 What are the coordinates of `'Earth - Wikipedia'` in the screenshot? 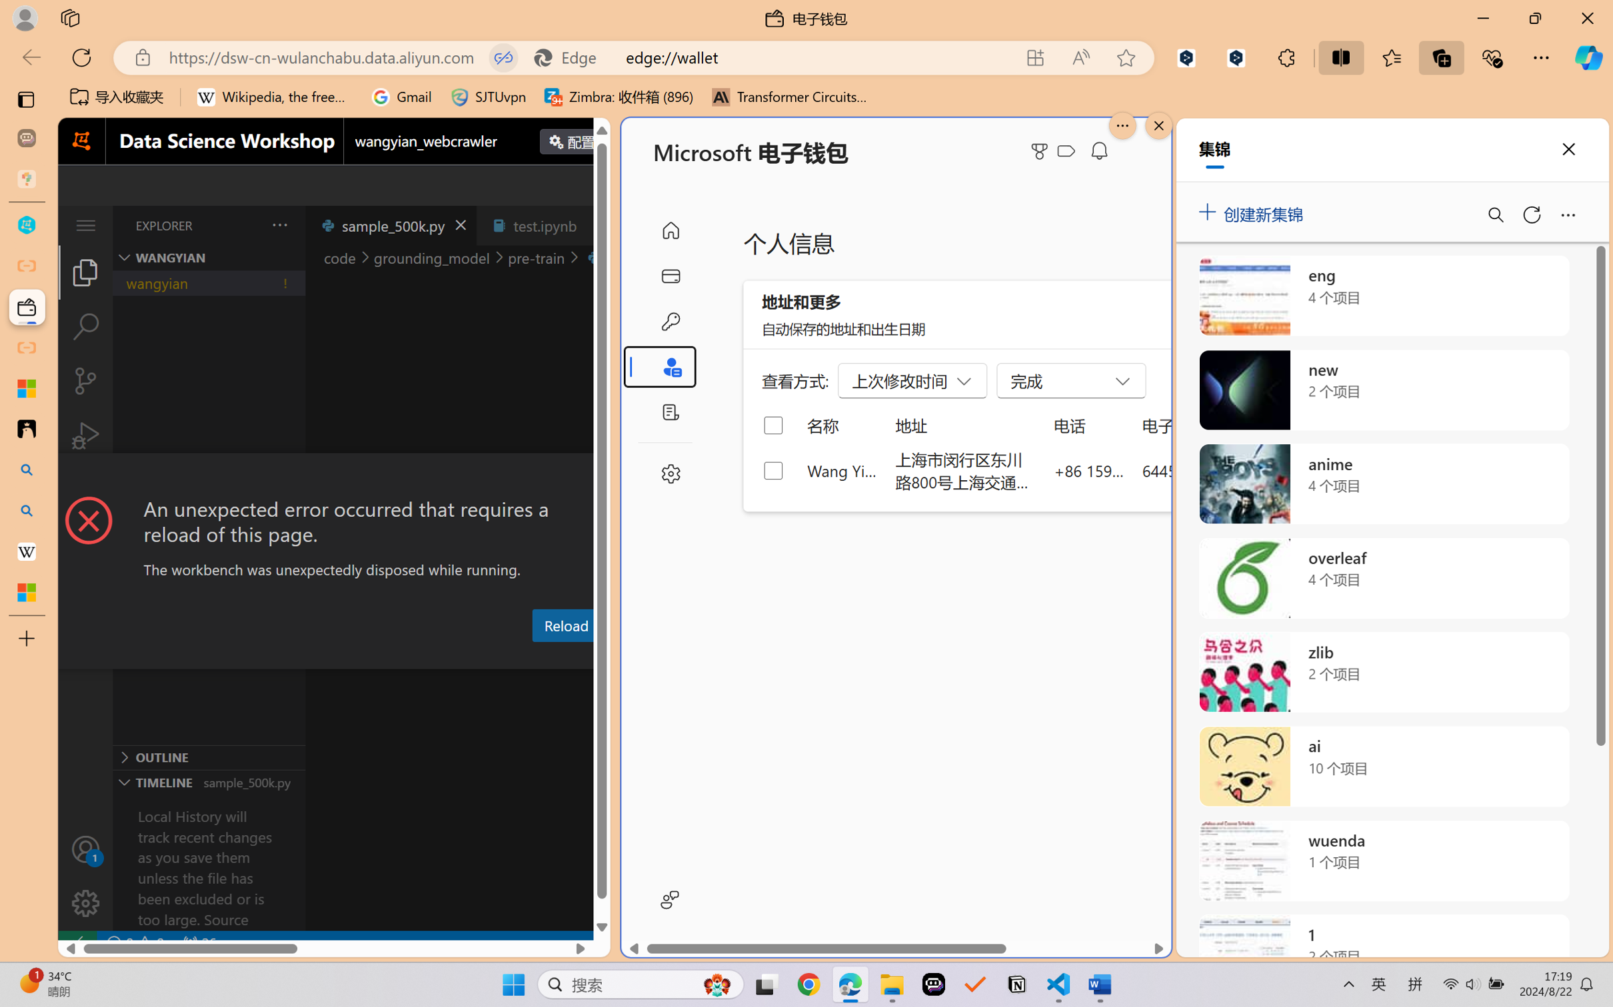 It's located at (26, 551).